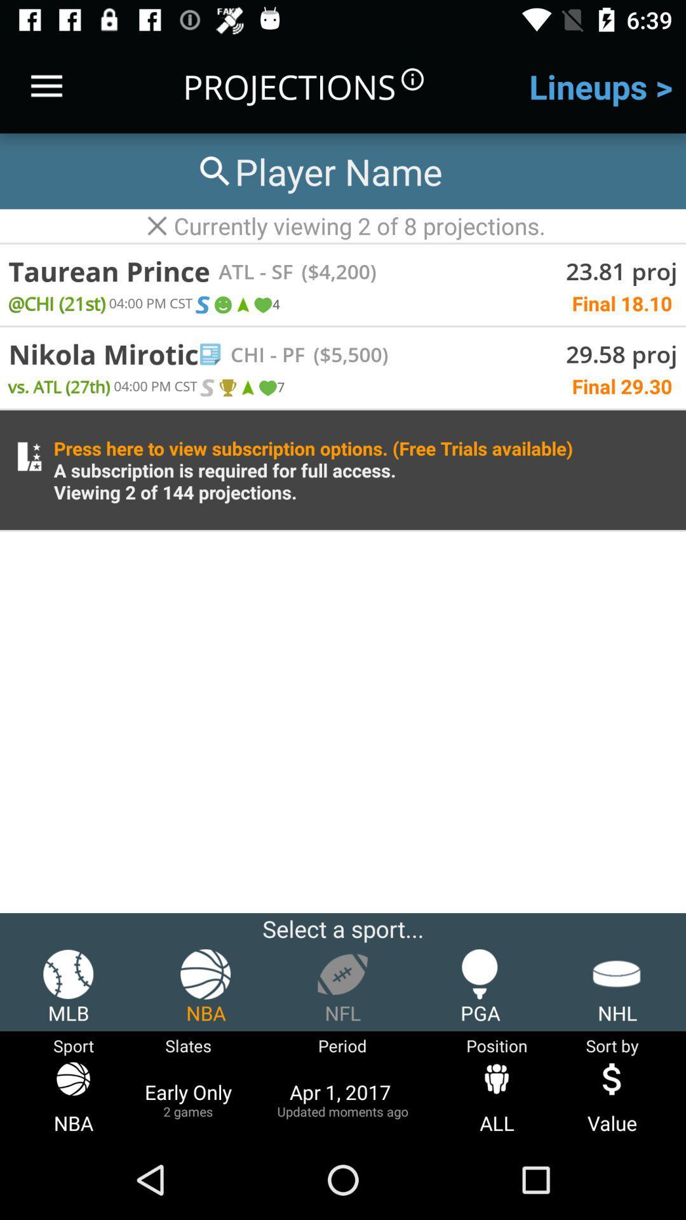 Image resolution: width=686 pixels, height=1220 pixels. Describe the element at coordinates (621, 270) in the screenshot. I see `the 23.81 proj item` at that location.